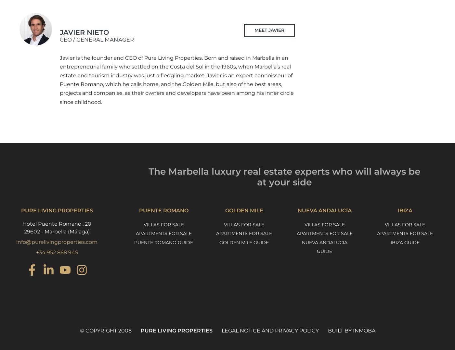  Describe the element at coordinates (97, 39) in the screenshot. I see `'CEO / General Manager'` at that location.